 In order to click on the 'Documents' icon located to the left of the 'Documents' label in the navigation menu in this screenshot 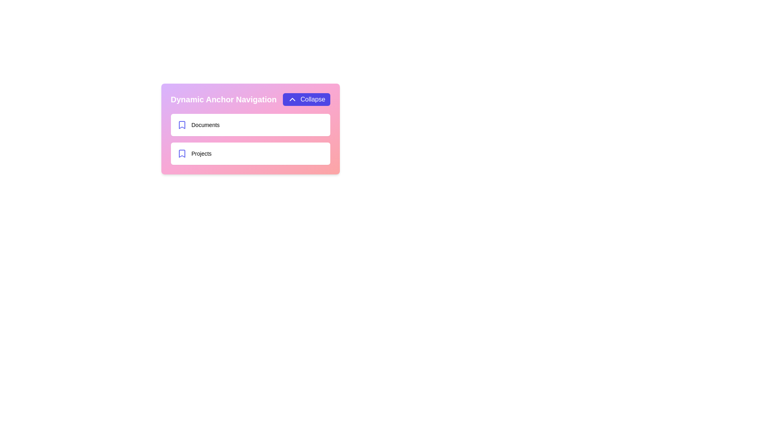, I will do `click(181, 125)`.